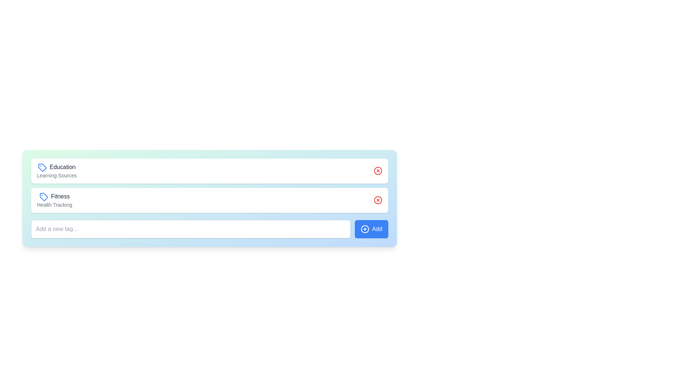 Image resolution: width=696 pixels, height=391 pixels. What do you see at coordinates (54, 200) in the screenshot?
I see `the 'Fitness' tag with the sub-description 'Health Tracking', which is the second item in the vertical list under the 'Education' label` at bounding box center [54, 200].